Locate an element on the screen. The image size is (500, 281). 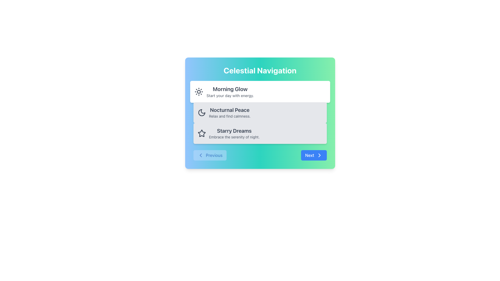
displayed text on the 'Nocturnal Peace' card, which is the second card in a vertically stacked list of three, located on a gradient blue-green background is located at coordinates (229, 112).